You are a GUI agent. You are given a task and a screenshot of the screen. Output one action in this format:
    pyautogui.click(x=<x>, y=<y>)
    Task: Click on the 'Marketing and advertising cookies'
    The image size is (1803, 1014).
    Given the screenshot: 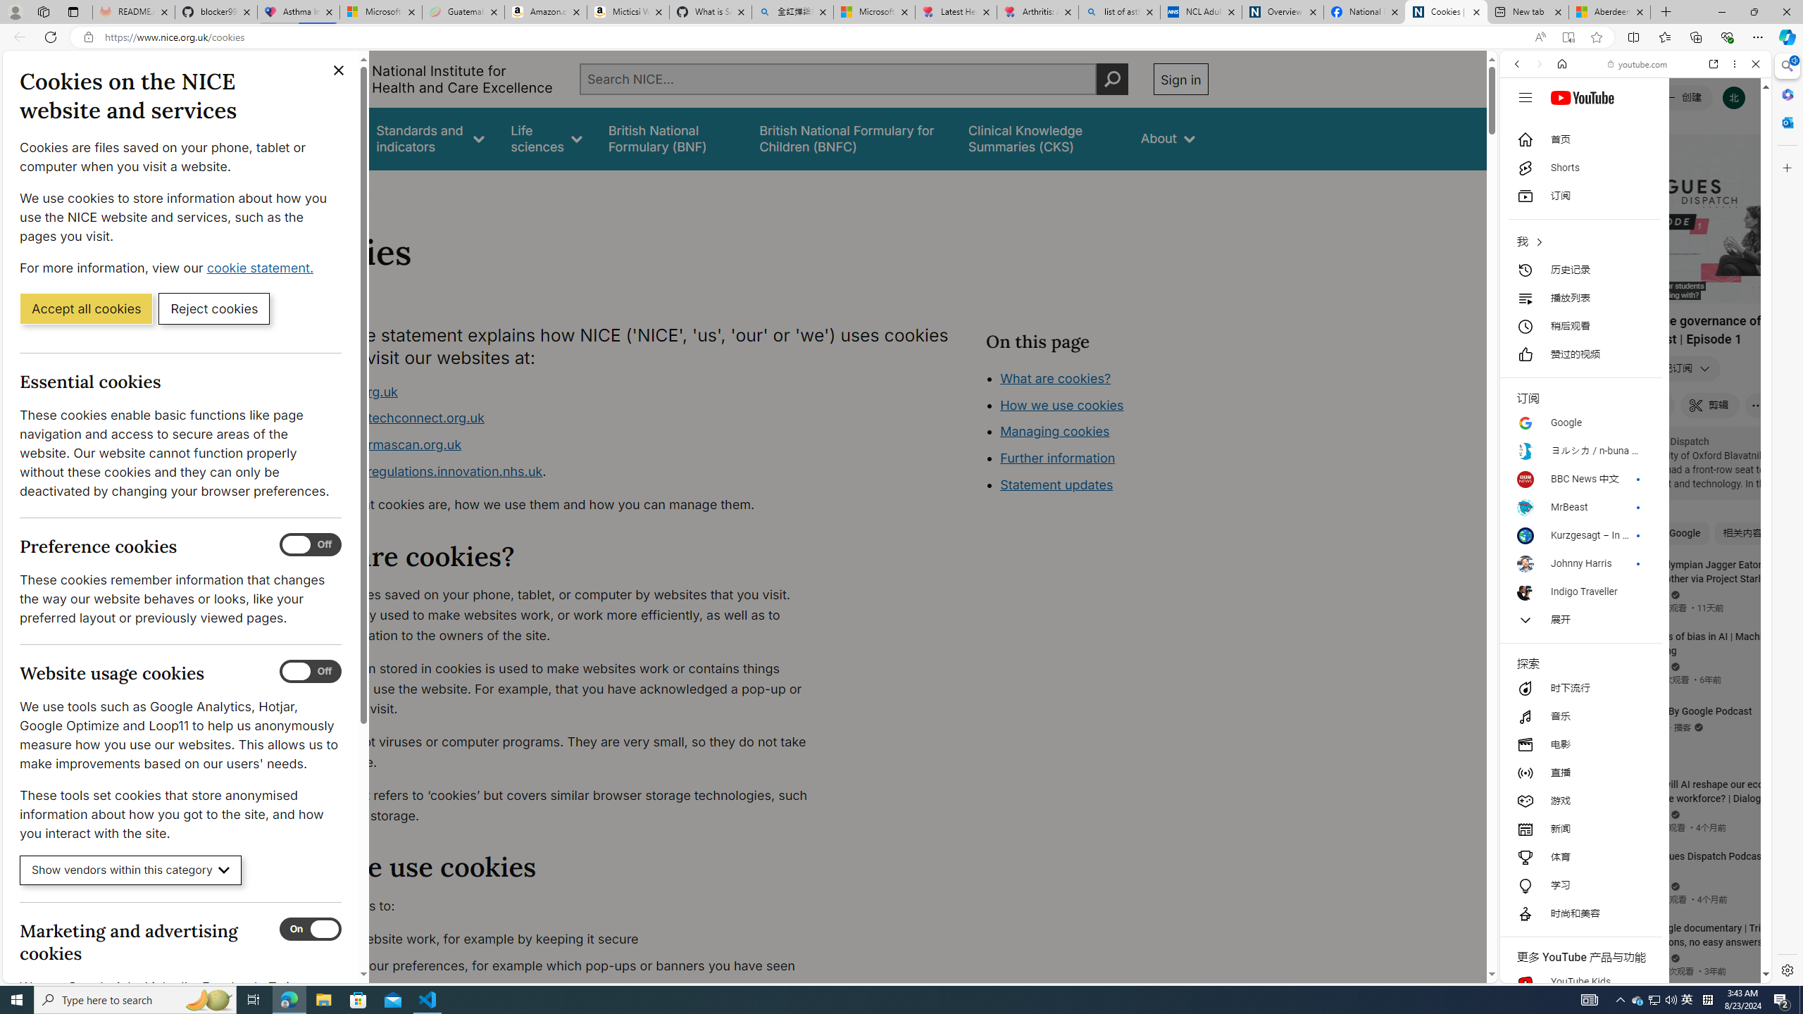 What is the action you would take?
    pyautogui.click(x=310, y=930)
    